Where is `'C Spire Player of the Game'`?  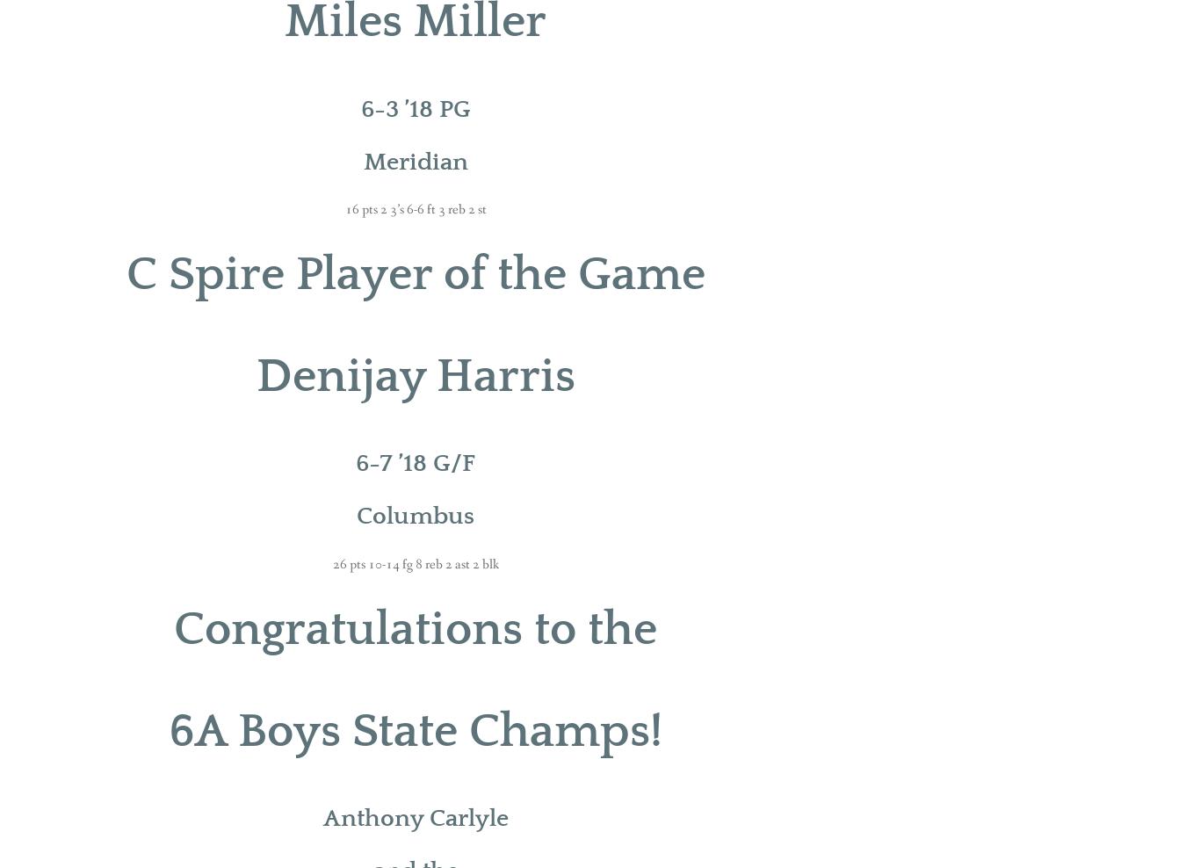 'C Spire Player of the Game' is located at coordinates (414, 274).